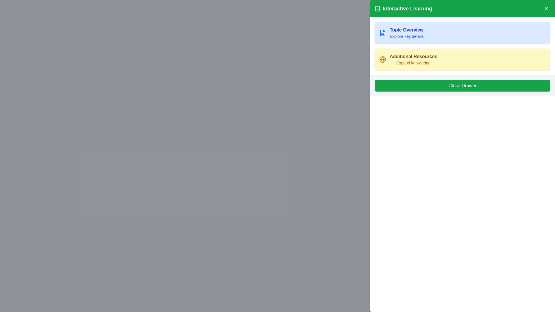 This screenshot has width=555, height=312. Describe the element at coordinates (383, 33) in the screenshot. I see `the file document icon with a blue outline located in the 'Topic Overview' card, adjacent to the text labeled 'Topic Overview' and the subtitle 'Explore key details'` at that location.